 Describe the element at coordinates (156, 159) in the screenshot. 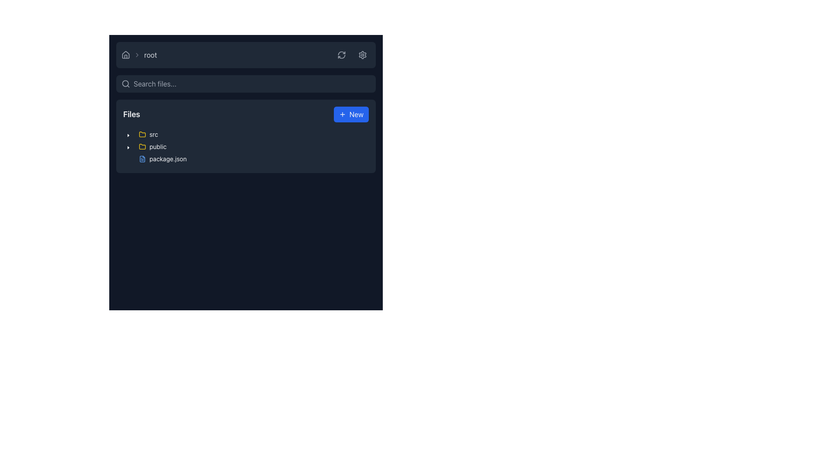

I see `the 'package.json' file entry` at that location.